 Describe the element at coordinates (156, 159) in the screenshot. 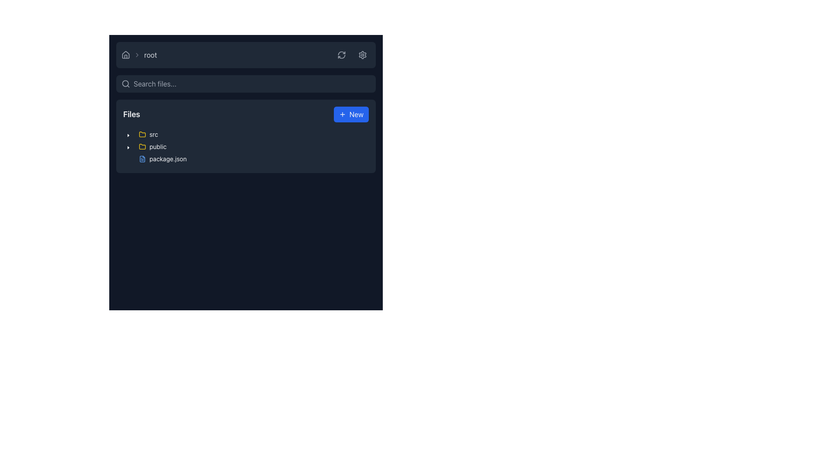

I see `the 'package.json' file entry` at that location.